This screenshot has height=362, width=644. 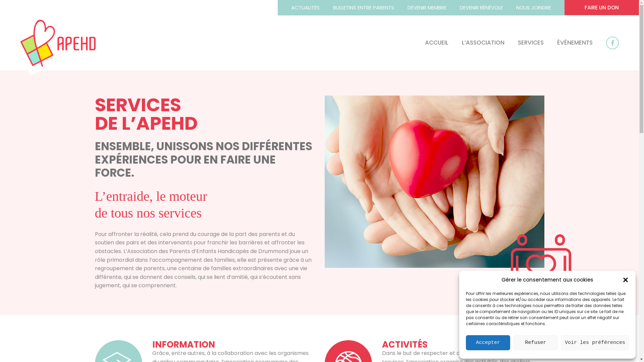 I want to click on 'FAIRE UN DON', so click(x=602, y=7).